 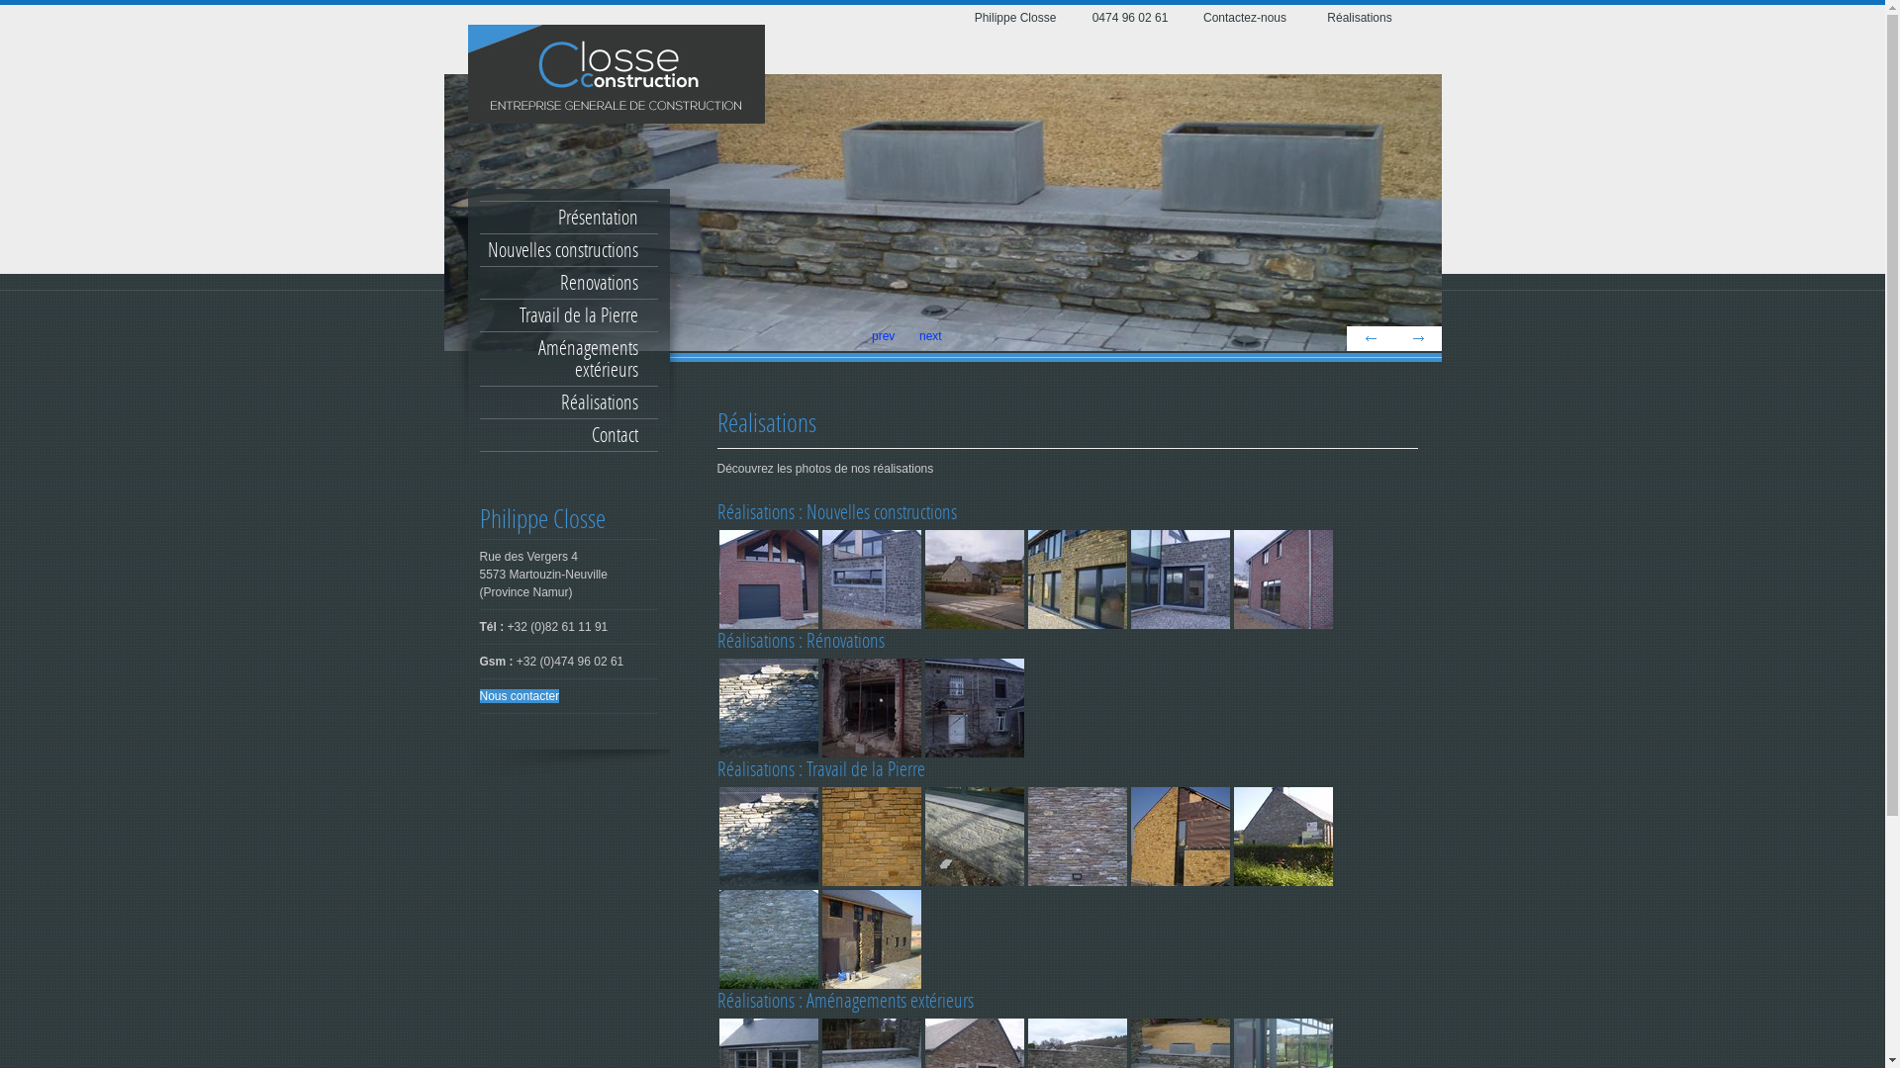 What do you see at coordinates (870, 937) in the screenshot?
I see `'OLYMPUS DIGITAL CAMERA         '` at bounding box center [870, 937].